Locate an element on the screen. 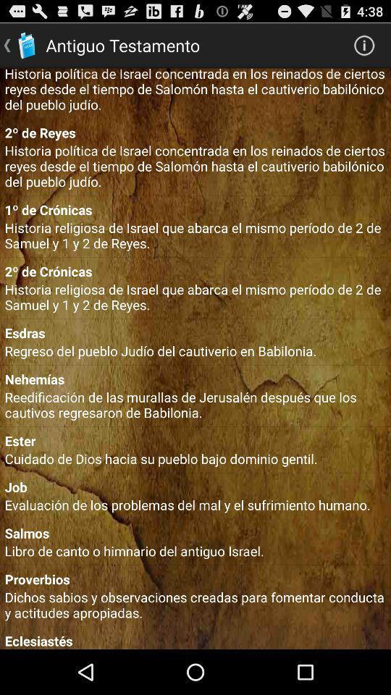 This screenshot has width=391, height=695. the esdras is located at coordinates (195, 333).